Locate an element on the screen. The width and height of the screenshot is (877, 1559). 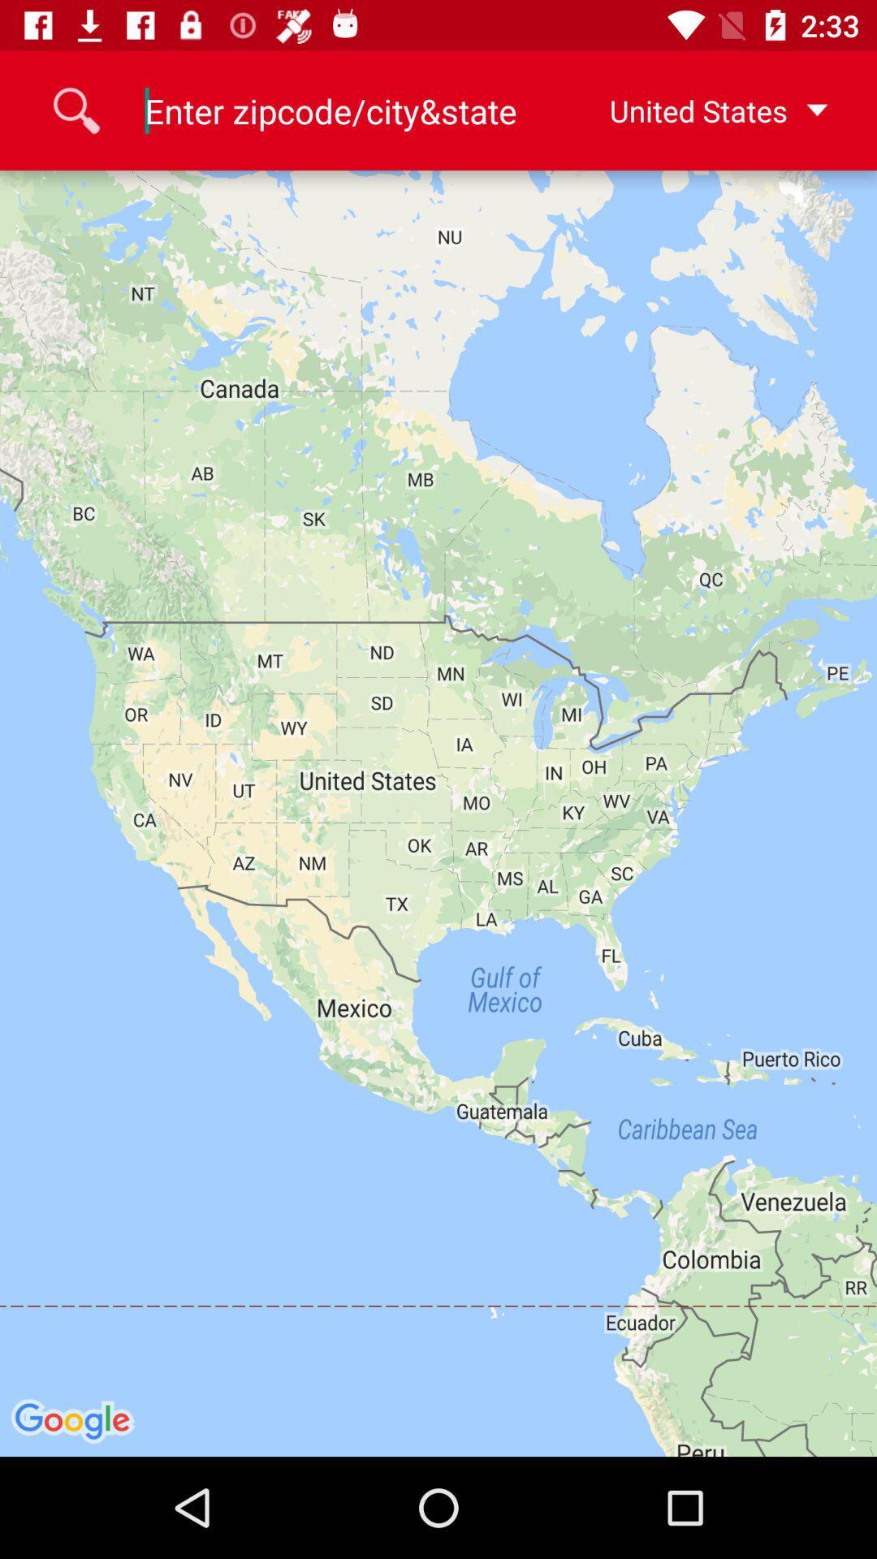
the icon at the center is located at coordinates (438, 814).